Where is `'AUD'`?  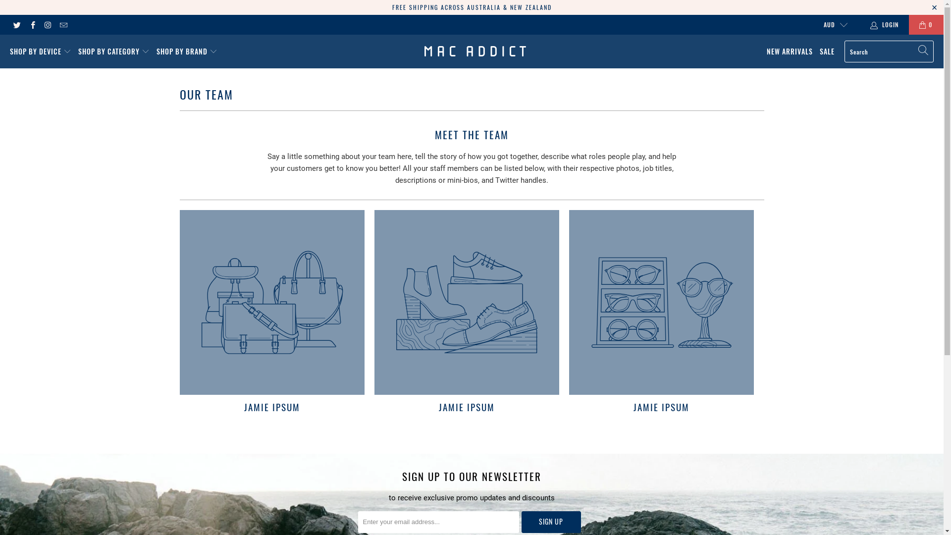 'AUD' is located at coordinates (831, 24).